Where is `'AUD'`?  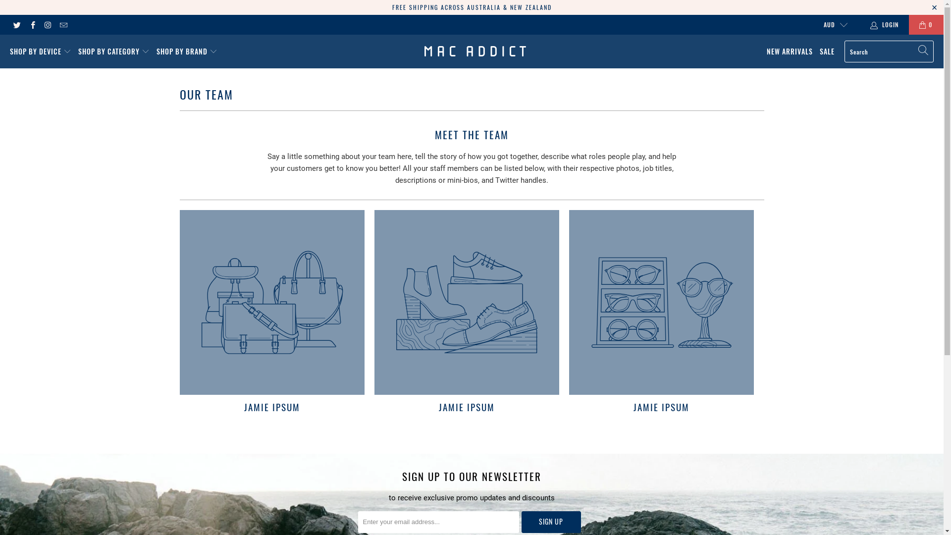 'AUD' is located at coordinates (831, 24).